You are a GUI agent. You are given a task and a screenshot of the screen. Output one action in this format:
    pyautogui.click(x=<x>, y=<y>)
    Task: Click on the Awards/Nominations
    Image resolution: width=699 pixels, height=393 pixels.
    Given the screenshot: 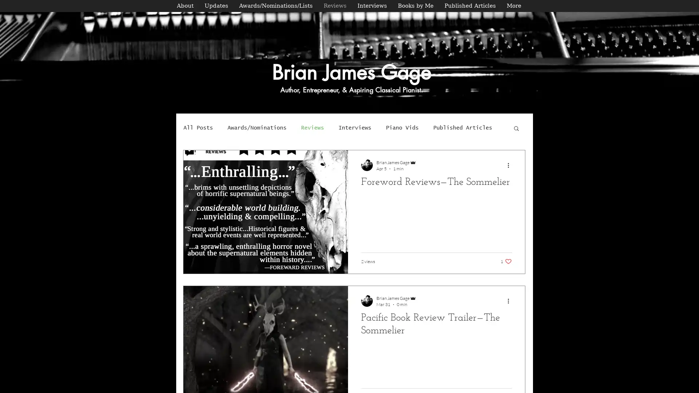 What is the action you would take?
    pyautogui.click(x=257, y=127)
    